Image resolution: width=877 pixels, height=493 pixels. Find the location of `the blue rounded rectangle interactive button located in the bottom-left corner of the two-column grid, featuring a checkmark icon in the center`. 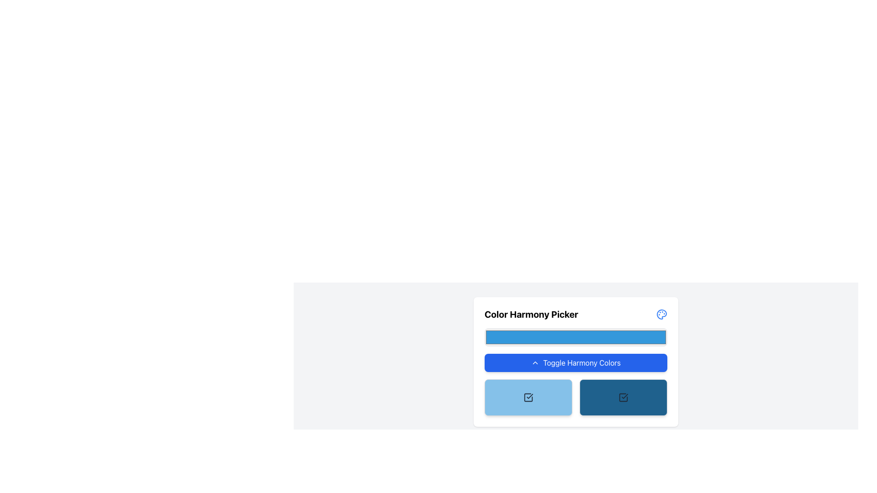

the blue rounded rectangle interactive button located in the bottom-left corner of the two-column grid, featuring a checkmark icon in the center is located at coordinates (528, 397).